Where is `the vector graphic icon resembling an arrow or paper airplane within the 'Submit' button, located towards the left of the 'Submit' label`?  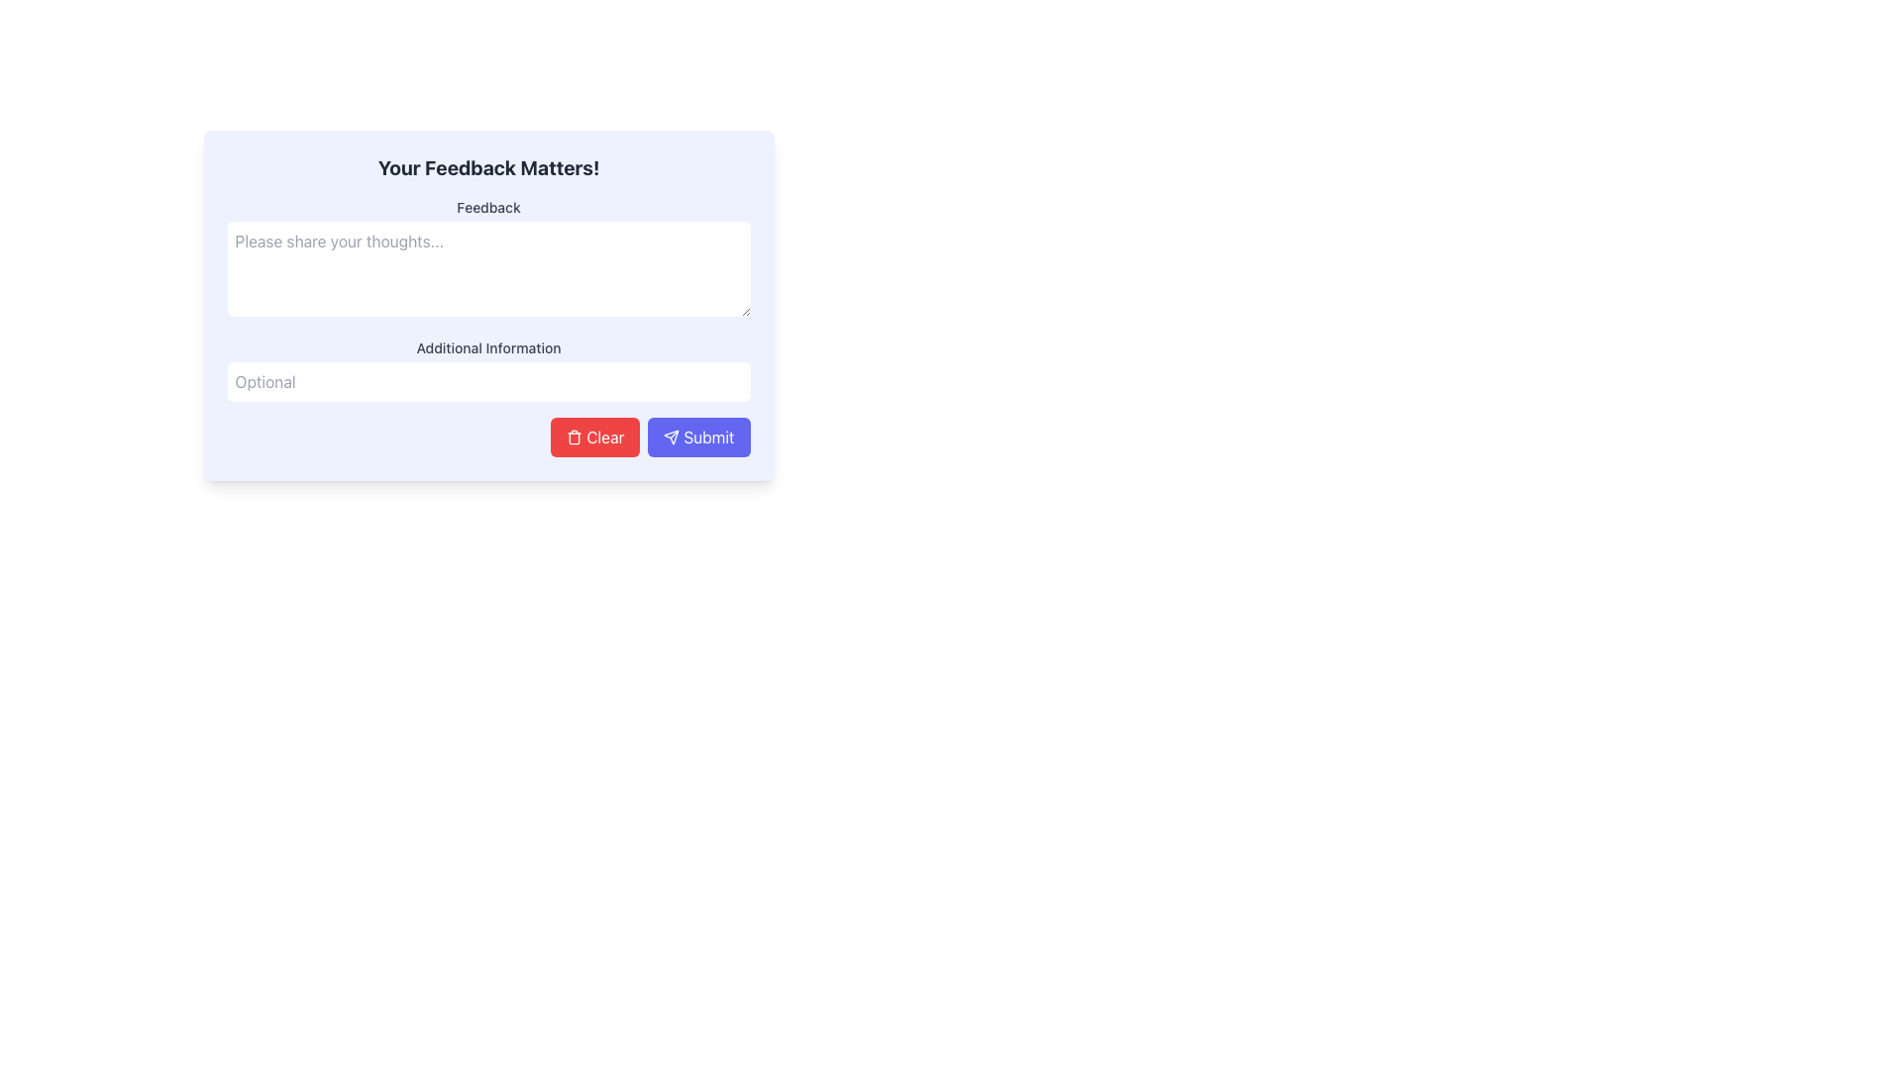 the vector graphic icon resembling an arrow or paper airplane within the 'Submit' button, located towards the left of the 'Submit' label is located at coordinates (672, 437).